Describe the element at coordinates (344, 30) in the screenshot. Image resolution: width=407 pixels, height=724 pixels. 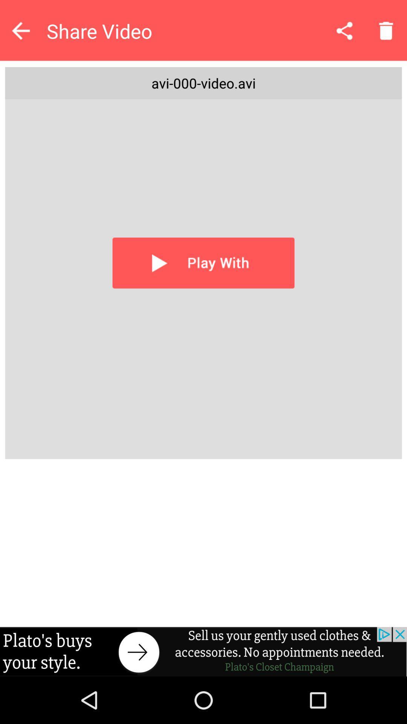
I see `share` at that location.